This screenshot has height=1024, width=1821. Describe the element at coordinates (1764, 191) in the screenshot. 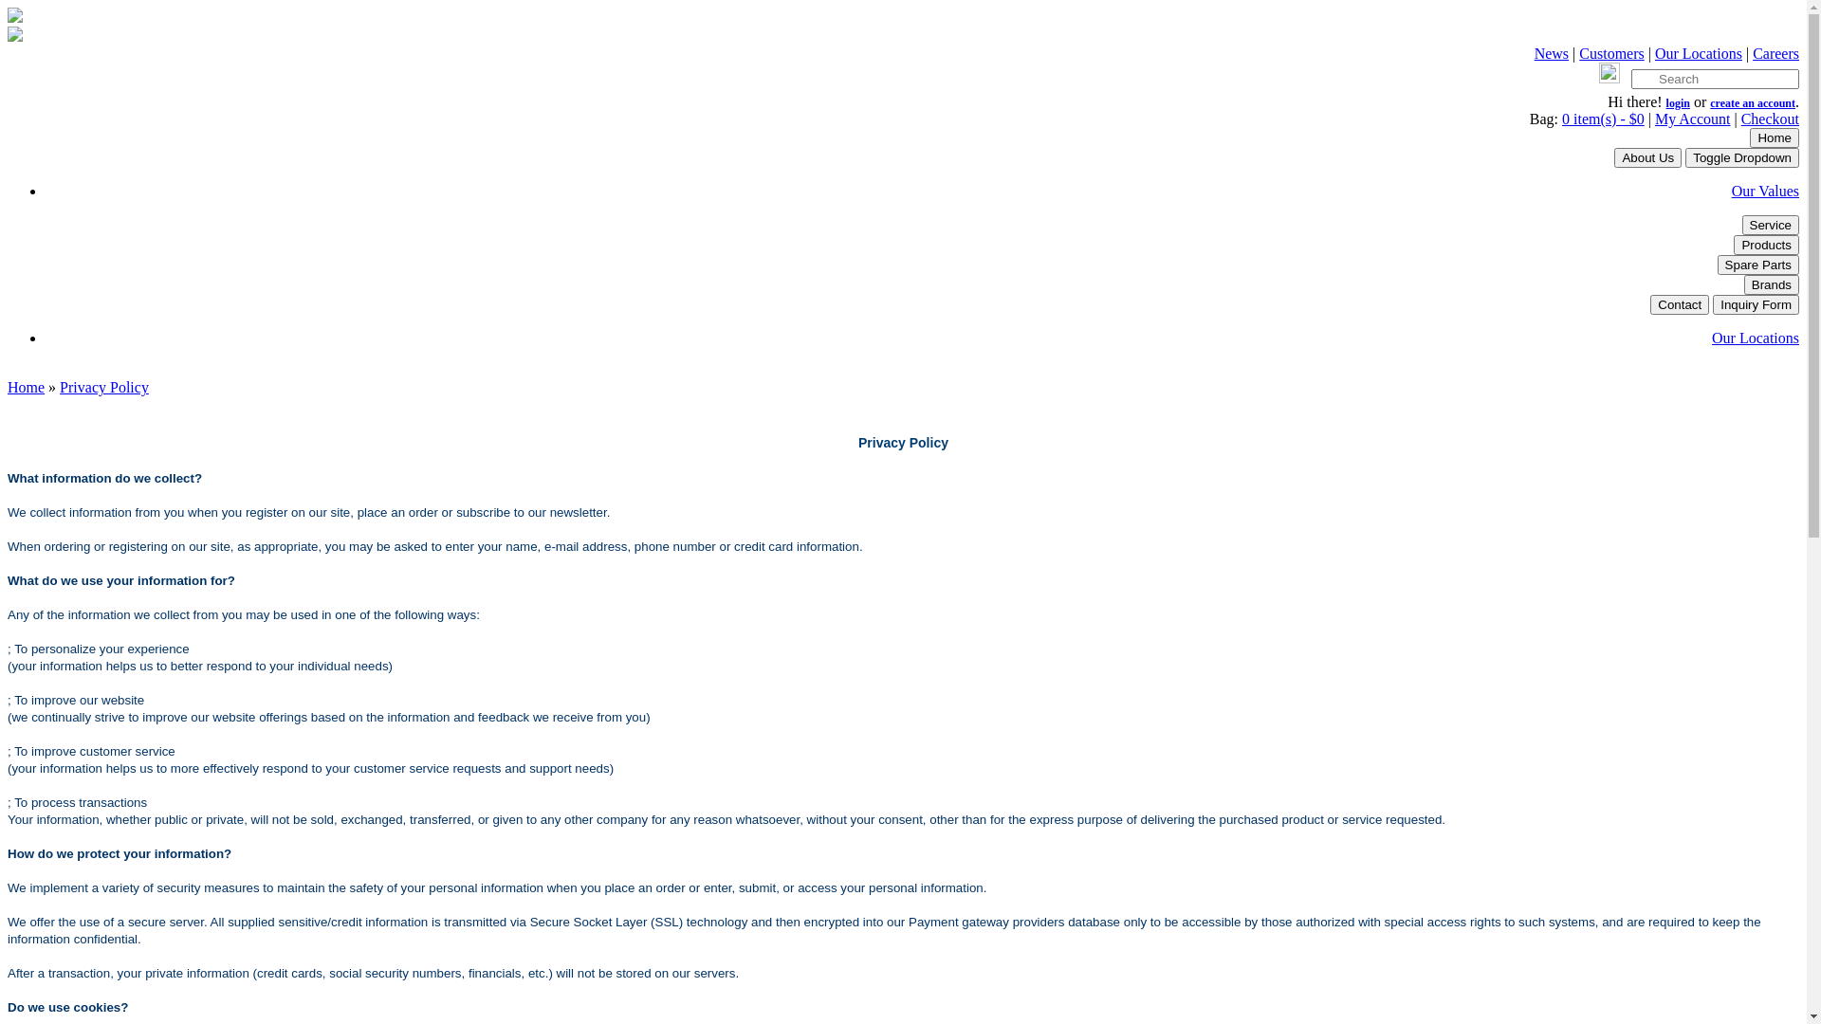

I see `'Our Values'` at that location.